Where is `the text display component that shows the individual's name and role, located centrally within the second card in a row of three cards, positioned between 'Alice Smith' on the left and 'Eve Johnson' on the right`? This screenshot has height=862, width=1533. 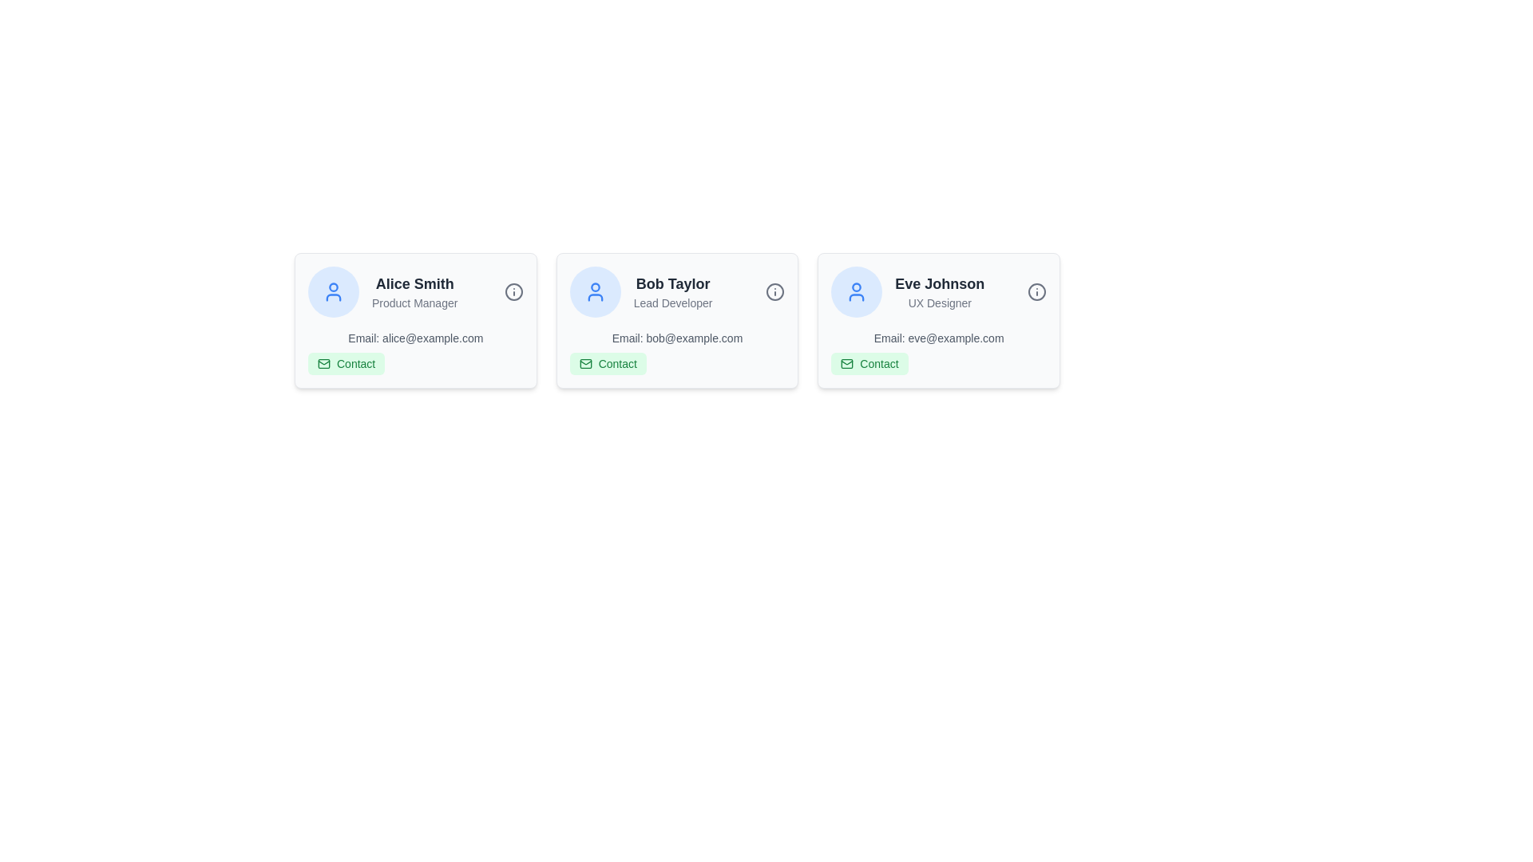 the text display component that shows the individual's name and role, located centrally within the second card in a row of three cards, positioned between 'Alice Smith' on the left and 'Eve Johnson' on the right is located at coordinates (673, 292).